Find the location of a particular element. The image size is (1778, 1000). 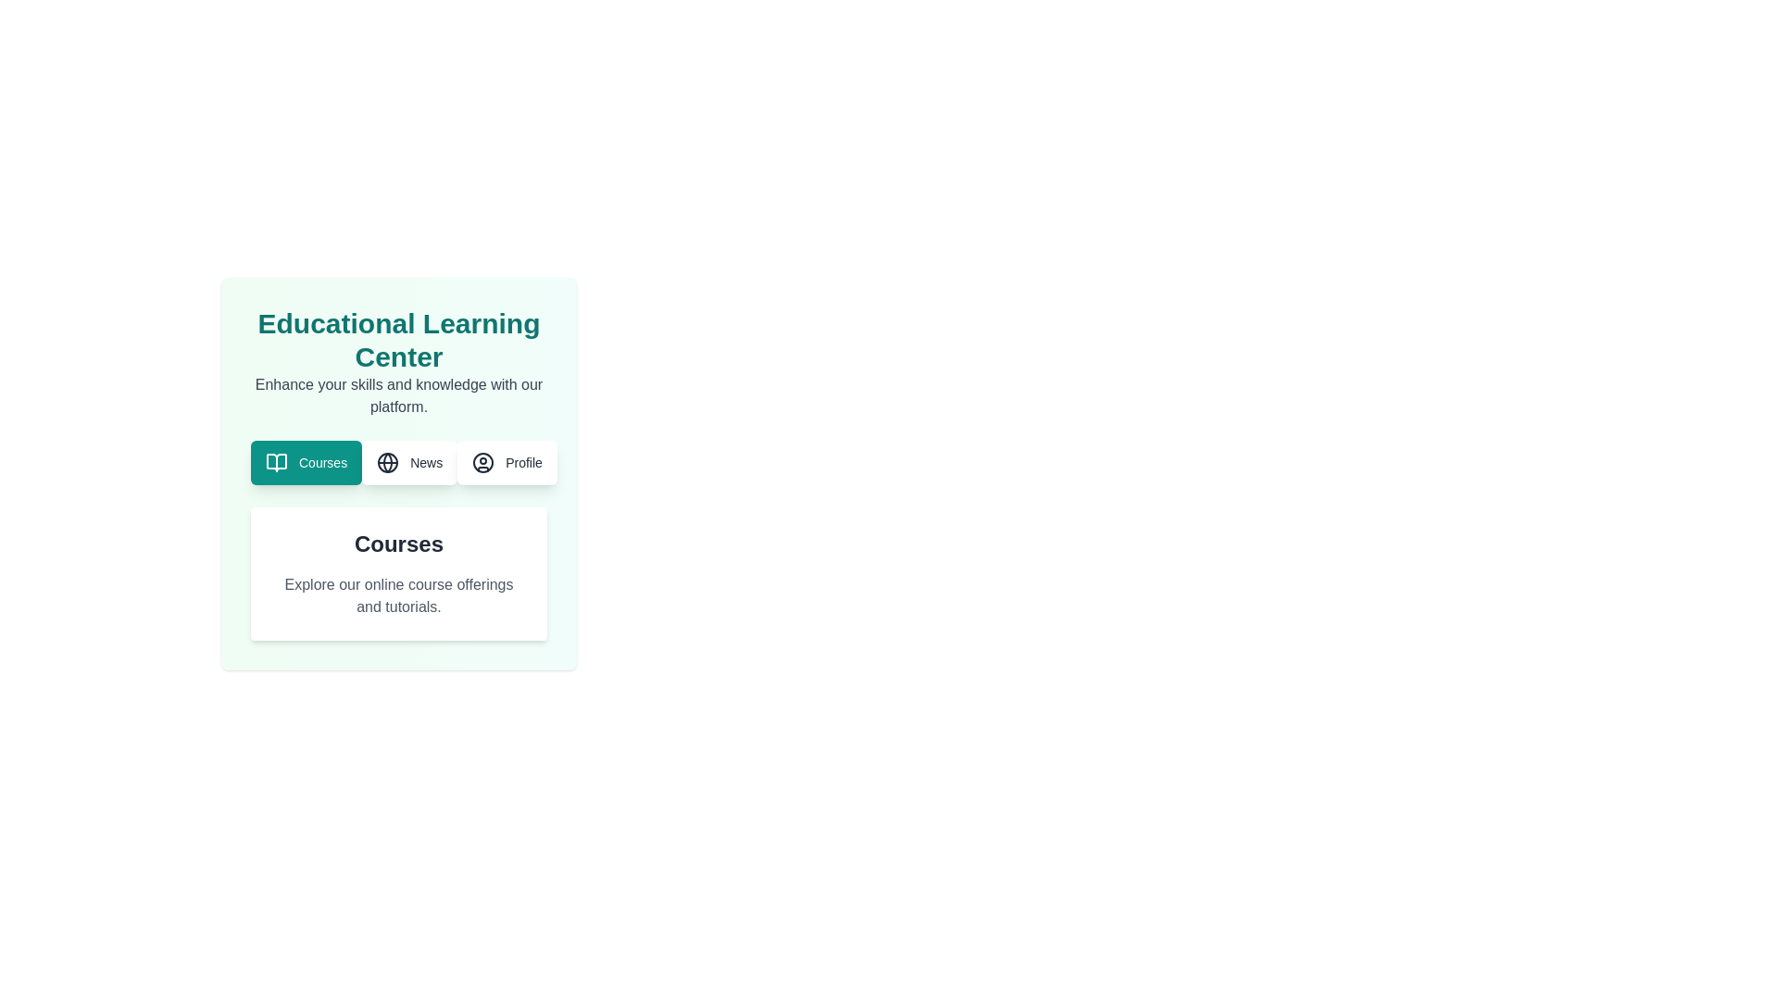

the News tab button to navigate to the corresponding section is located at coordinates (407, 462).